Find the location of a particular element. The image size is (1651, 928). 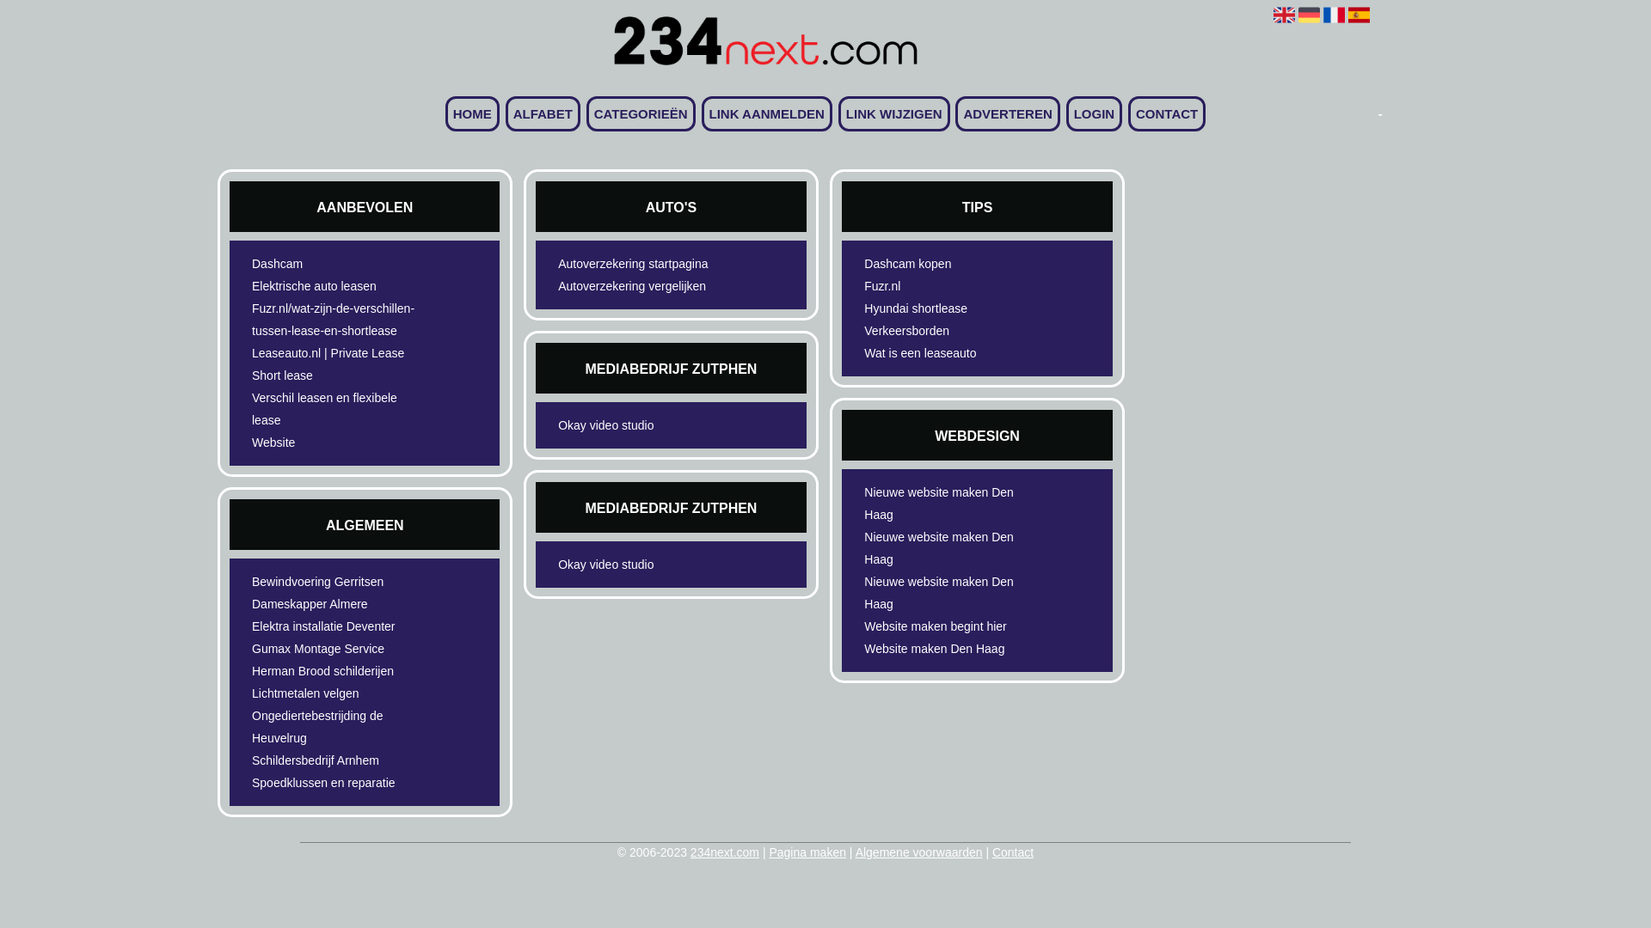

'CONTACT' is located at coordinates (1167, 113).